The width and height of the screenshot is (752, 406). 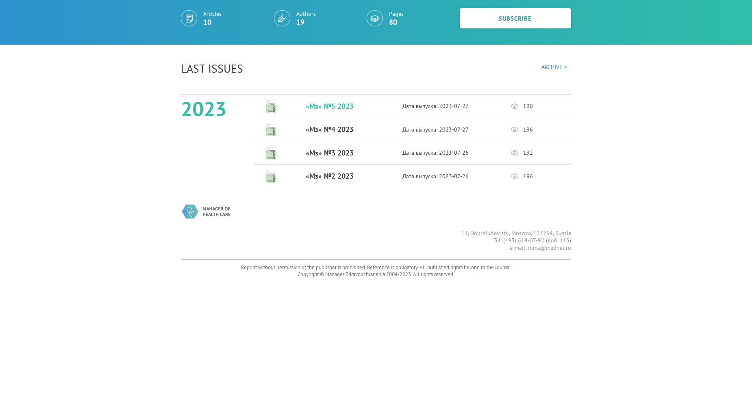 What do you see at coordinates (329, 129) in the screenshot?
I see `'«Мз» №4 2023'` at bounding box center [329, 129].